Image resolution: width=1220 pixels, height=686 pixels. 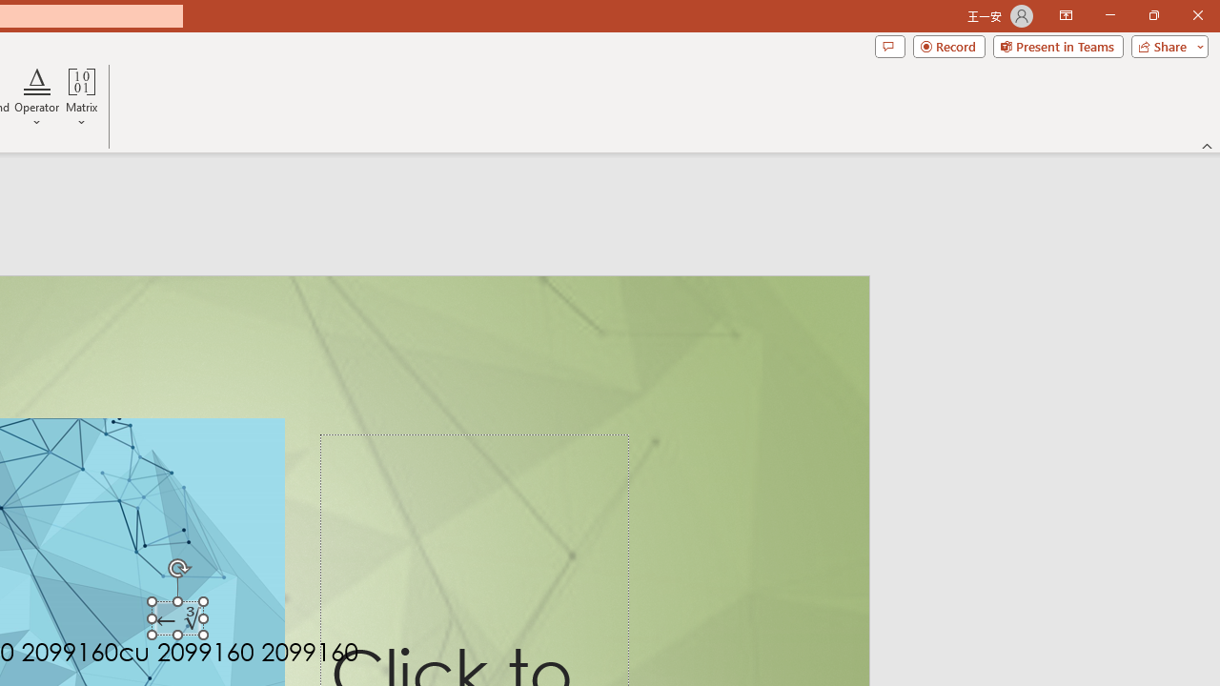 I want to click on 'Matrix', so click(x=81, y=98).